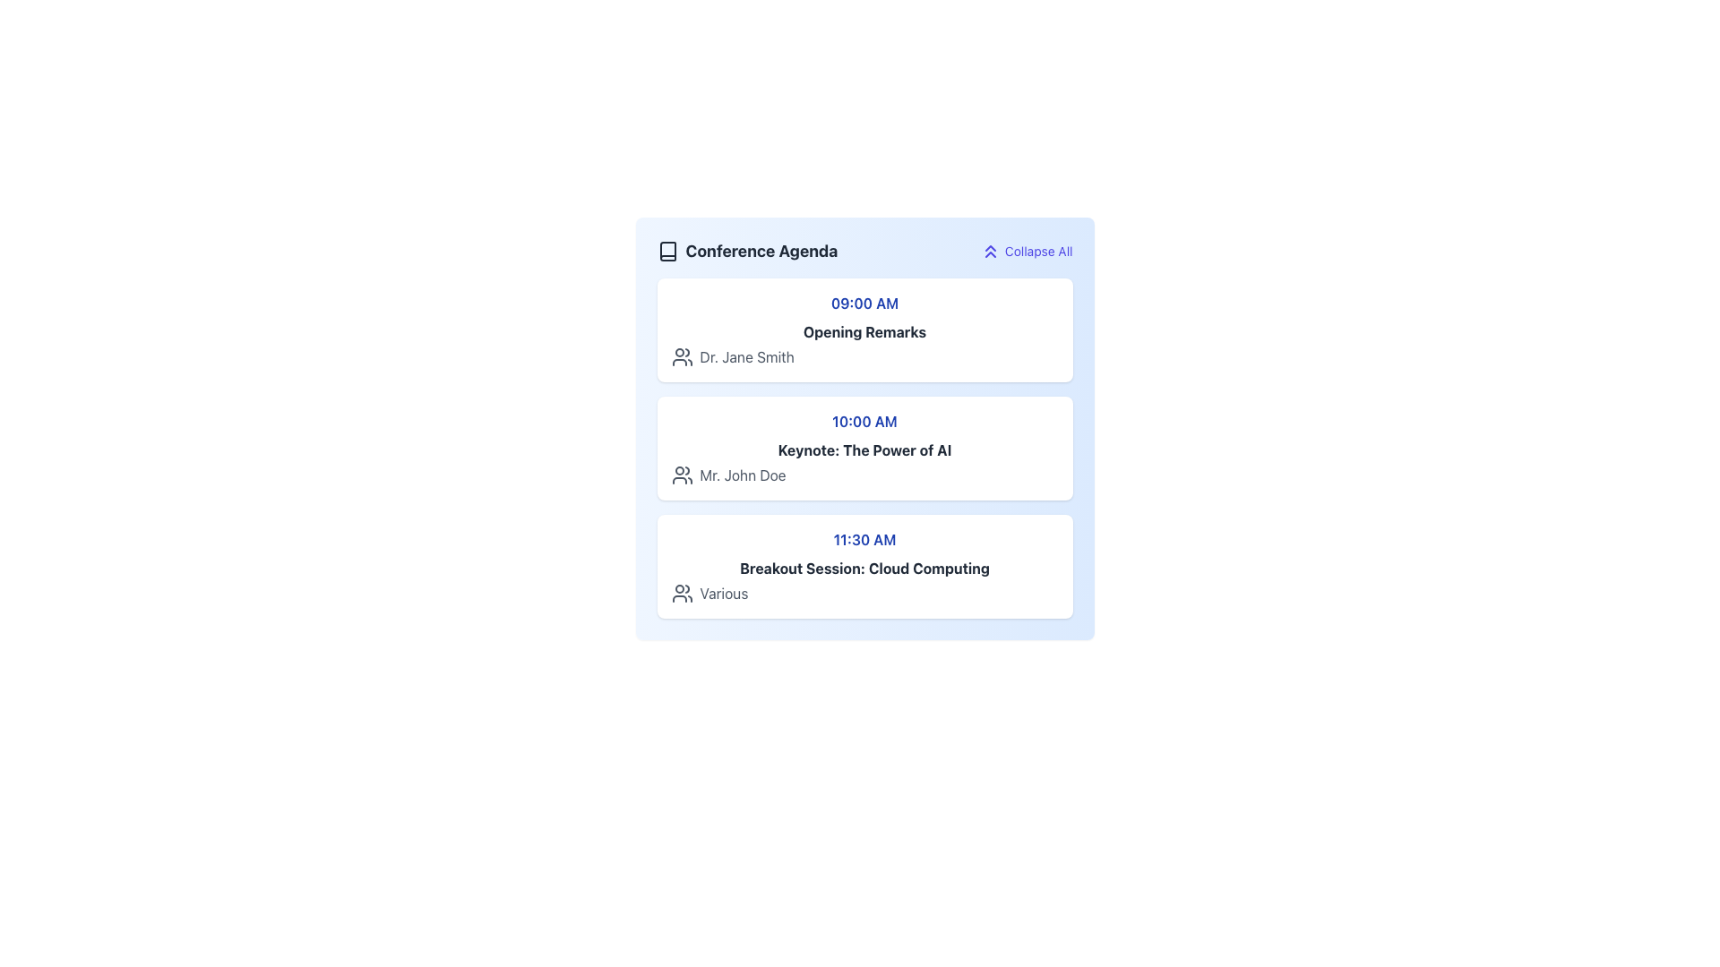 The image size is (1720, 967). Describe the element at coordinates (864, 303) in the screenshot. I see `the Static Text that displays the starting time of the session, located centrally above the 'Opening Remarks' title and Dr. Jane Smith's name in the conference agenda panel` at that location.